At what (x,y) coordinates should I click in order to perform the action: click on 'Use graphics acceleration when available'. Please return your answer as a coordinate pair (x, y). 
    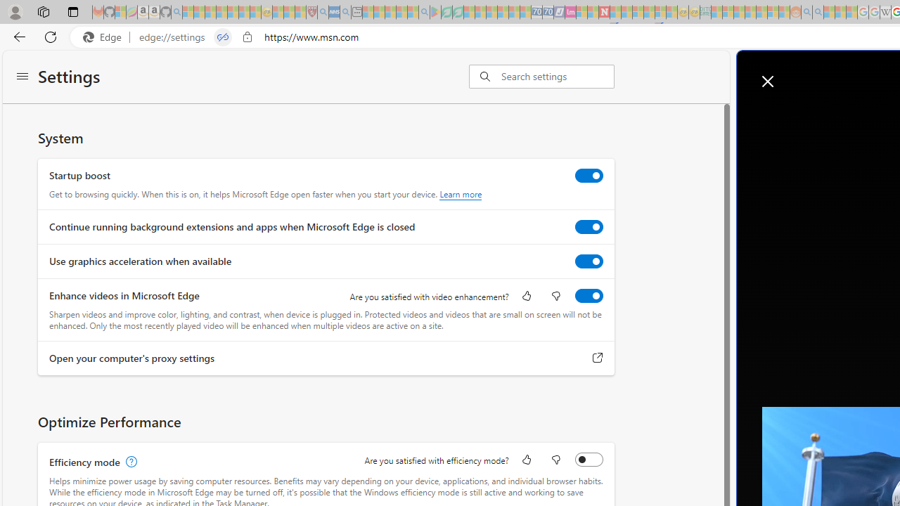
    Looking at the image, I should click on (589, 261).